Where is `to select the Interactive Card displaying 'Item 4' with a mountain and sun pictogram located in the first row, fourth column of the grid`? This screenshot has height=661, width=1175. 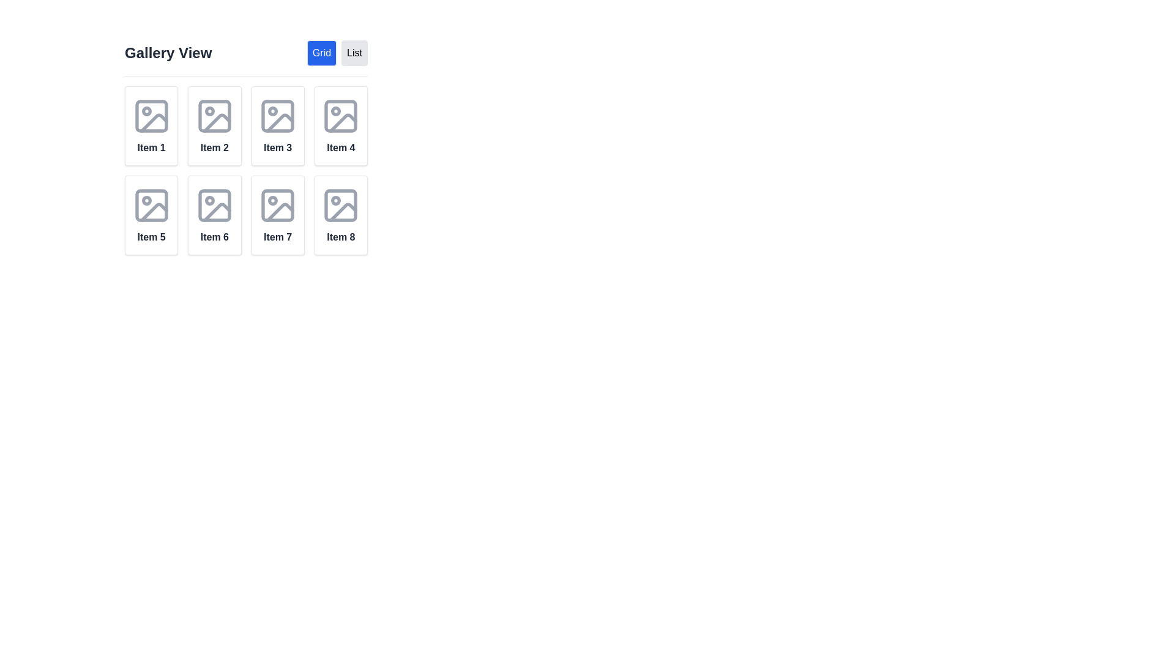 to select the Interactive Card displaying 'Item 4' with a mountain and sun pictogram located in the first row, fourth column of the grid is located at coordinates (341, 125).